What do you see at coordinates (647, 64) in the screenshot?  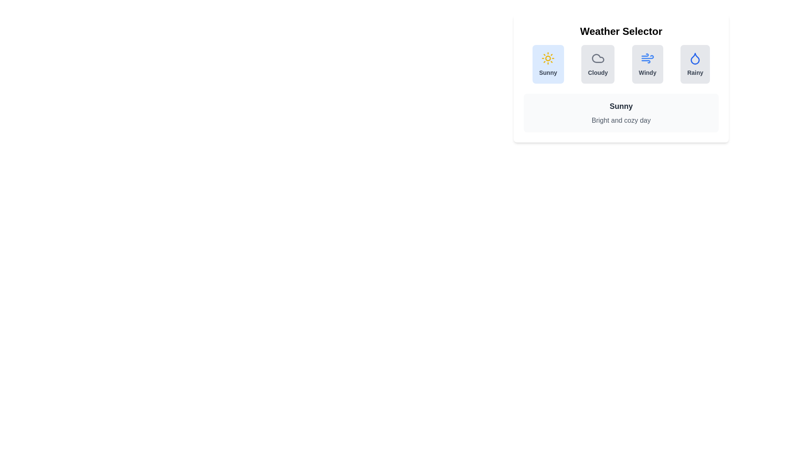 I see `the 'Windy' weather option button located at the top center of the menu, positioned third among four options` at bounding box center [647, 64].